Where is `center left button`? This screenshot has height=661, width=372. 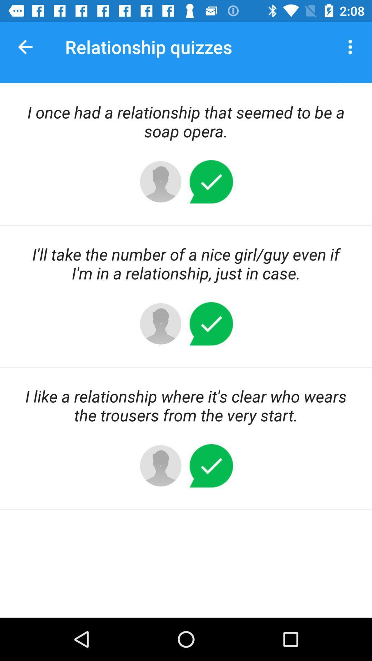 center left button is located at coordinates (161, 323).